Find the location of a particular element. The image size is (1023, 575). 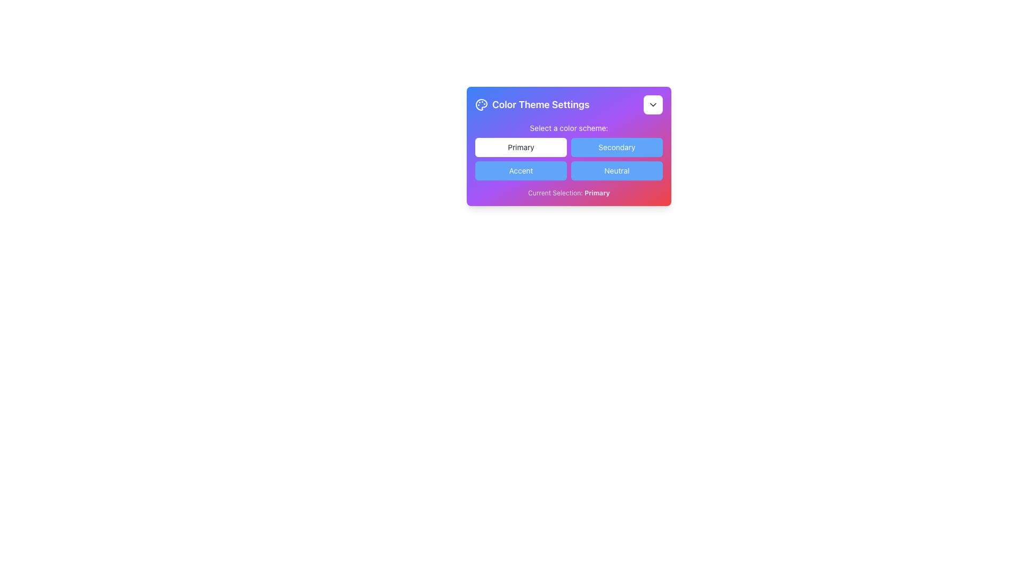

the button for selecting the 'Secondary' color scheme located in the 'Color Theme Settings' section, which is the second item in the top row under 'Select a color scheme' is located at coordinates (616, 147).